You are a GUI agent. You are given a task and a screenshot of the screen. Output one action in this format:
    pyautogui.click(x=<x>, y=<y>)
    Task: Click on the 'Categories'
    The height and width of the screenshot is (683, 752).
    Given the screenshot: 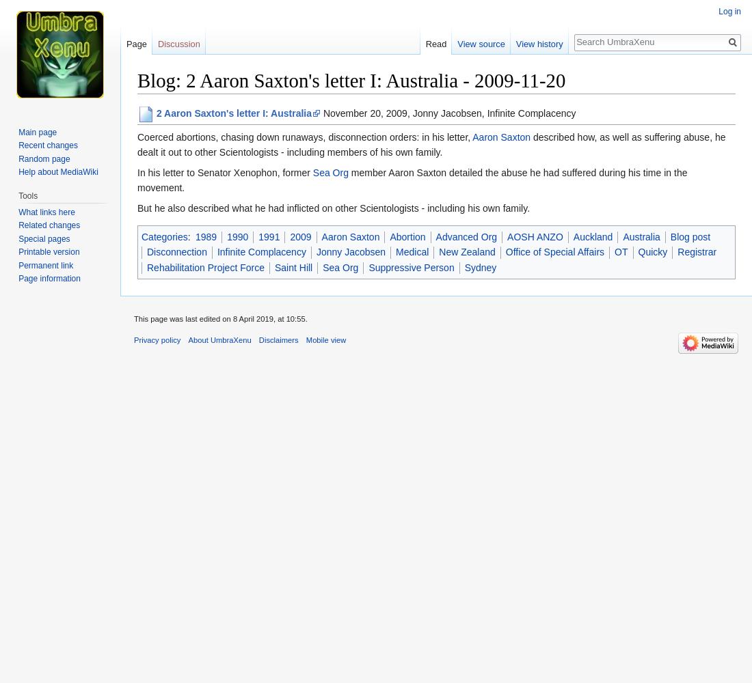 What is the action you would take?
    pyautogui.click(x=164, y=236)
    